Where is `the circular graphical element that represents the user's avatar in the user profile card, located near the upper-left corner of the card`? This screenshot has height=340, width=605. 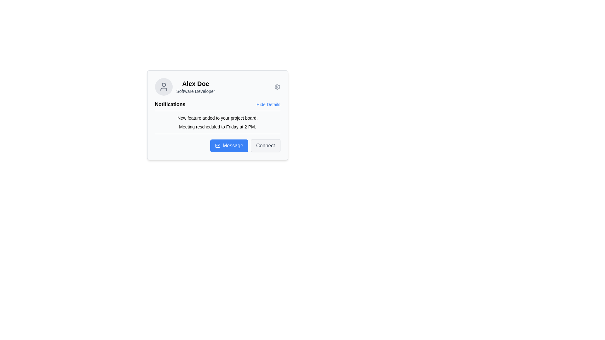
the circular graphical element that represents the user's avatar in the user profile card, located near the upper-left corner of the card is located at coordinates (164, 84).